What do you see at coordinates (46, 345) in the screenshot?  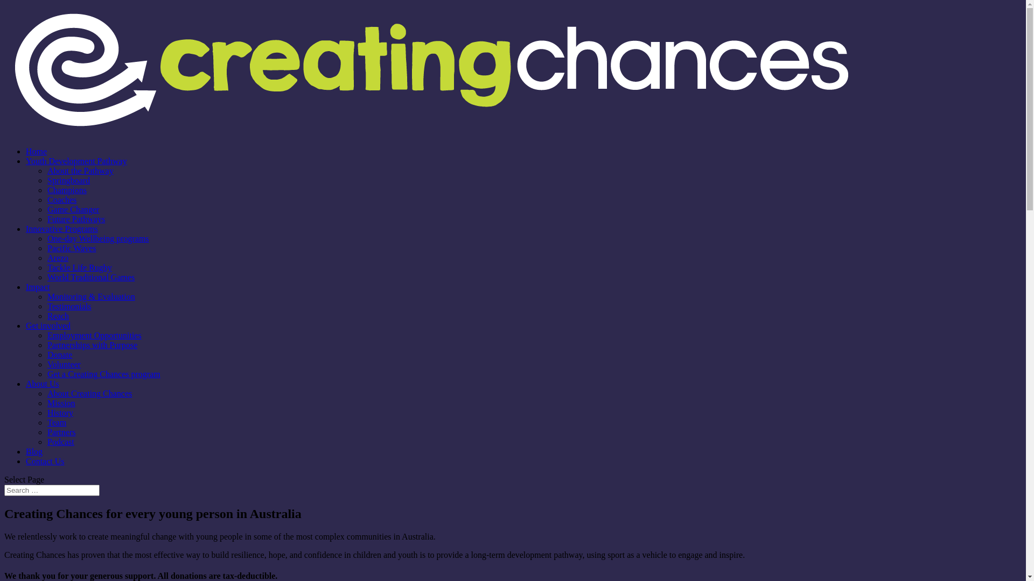 I see `'Partnerships with Purpose'` at bounding box center [46, 345].